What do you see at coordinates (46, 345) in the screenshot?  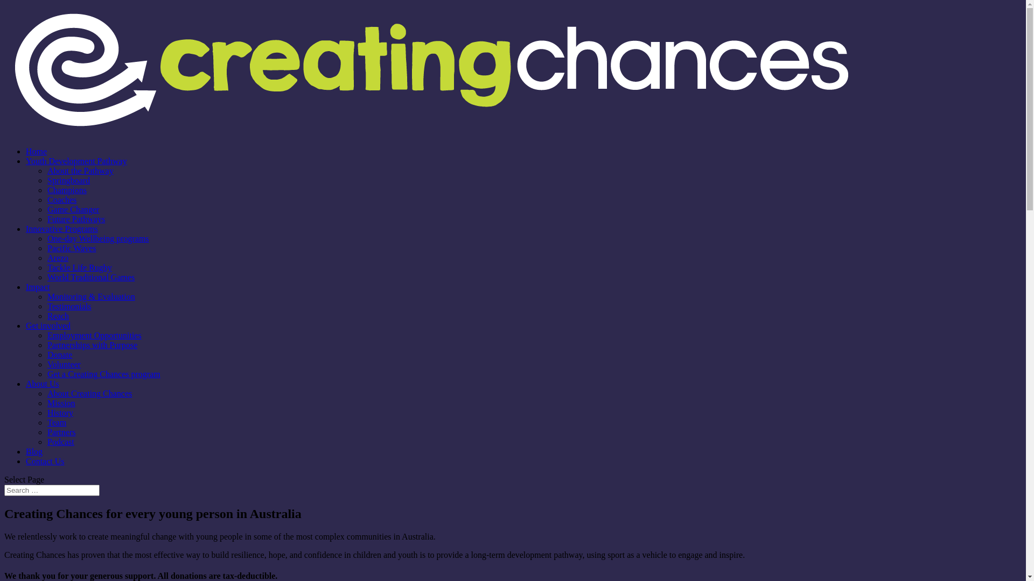 I see `'Partnerships with Purpose'` at bounding box center [46, 345].